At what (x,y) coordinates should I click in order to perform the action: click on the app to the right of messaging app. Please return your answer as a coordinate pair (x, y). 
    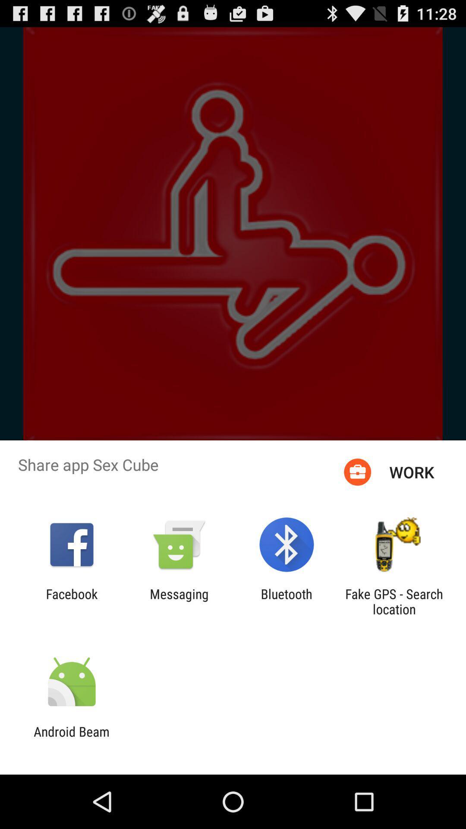
    Looking at the image, I should click on (287, 601).